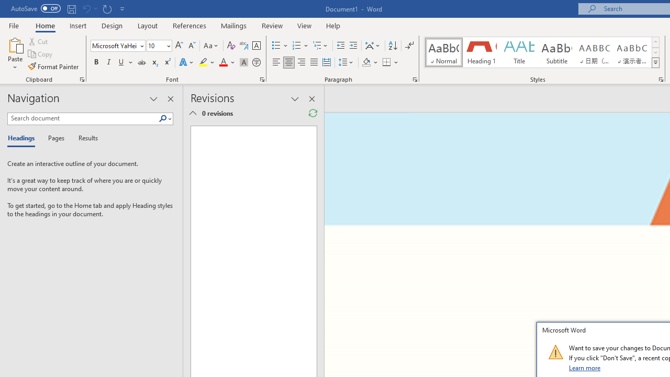 The width and height of the screenshot is (670, 377). I want to click on 'Shading RGB(0, 0, 0)', so click(366, 62).